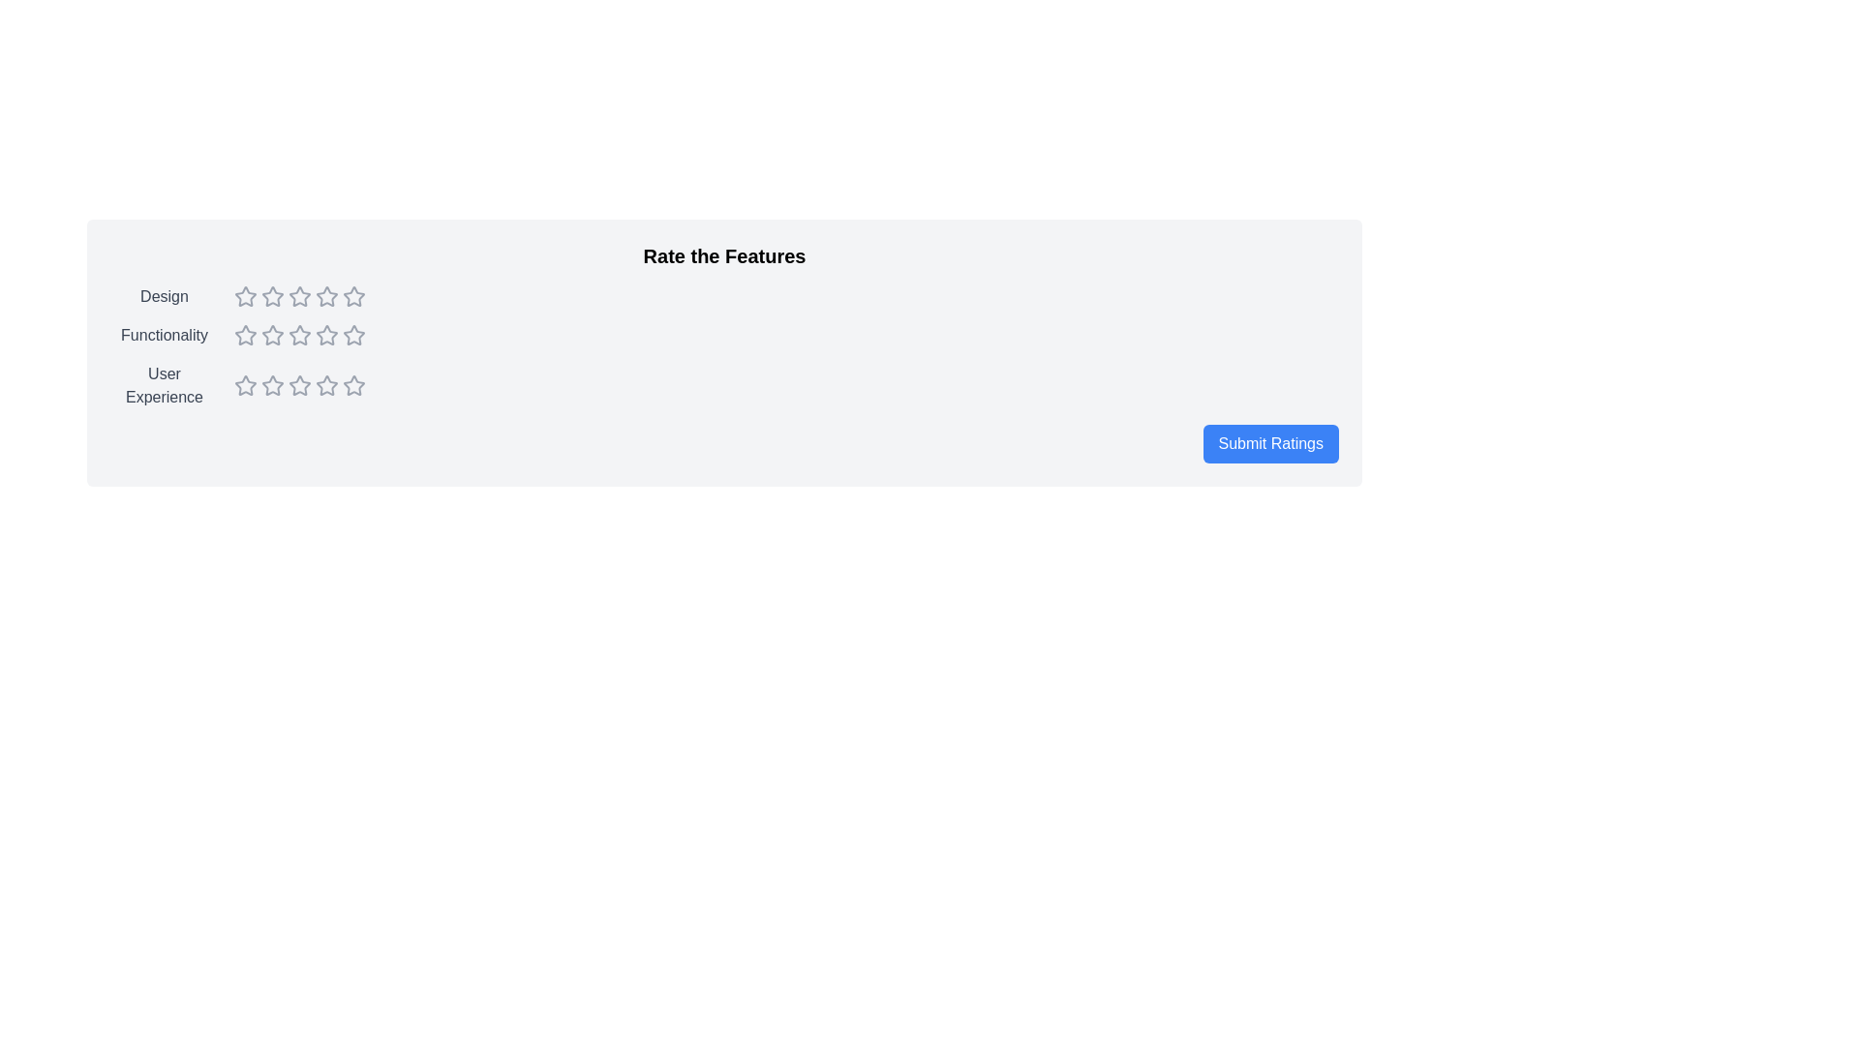 This screenshot has width=1859, height=1045. What do you see at coordinates (299, 296) in the screenshot?
I see `the second star icon for rating under the 'Design' label` at bounding box center [299, 296].